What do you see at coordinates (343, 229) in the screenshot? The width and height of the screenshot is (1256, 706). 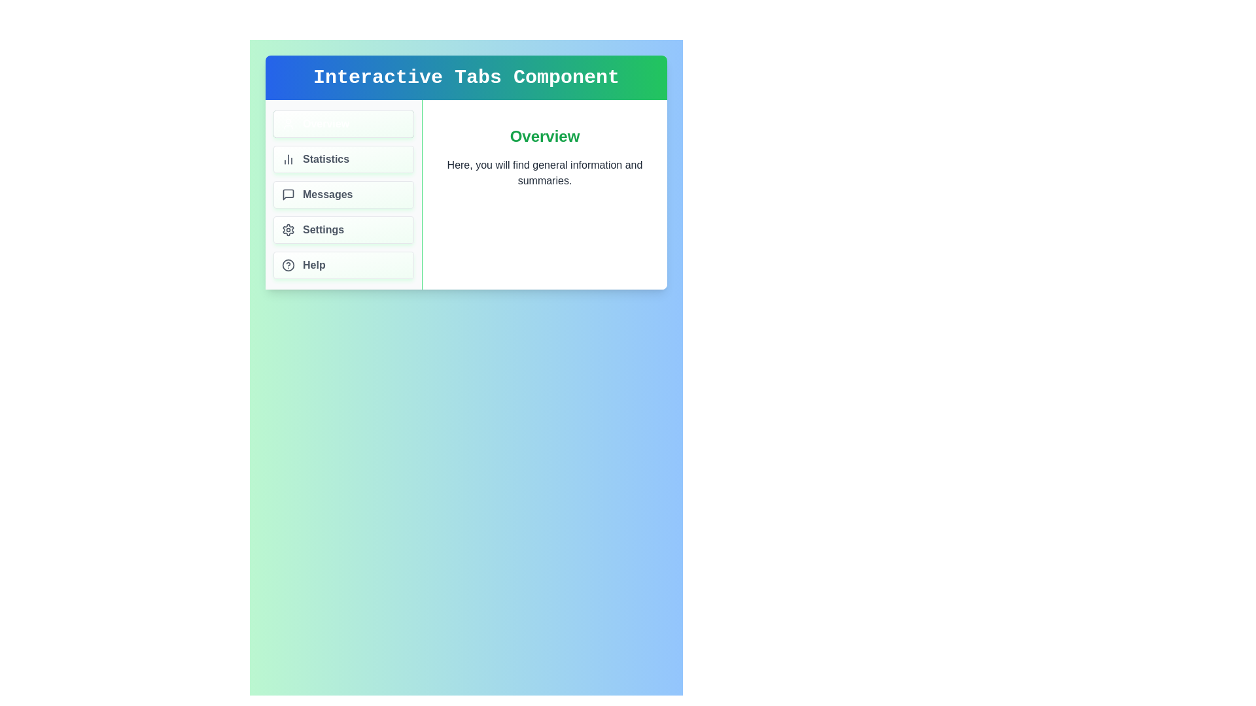 I see `the tab labeled Settings by clicking on its area` at bounding box center [343, 229].